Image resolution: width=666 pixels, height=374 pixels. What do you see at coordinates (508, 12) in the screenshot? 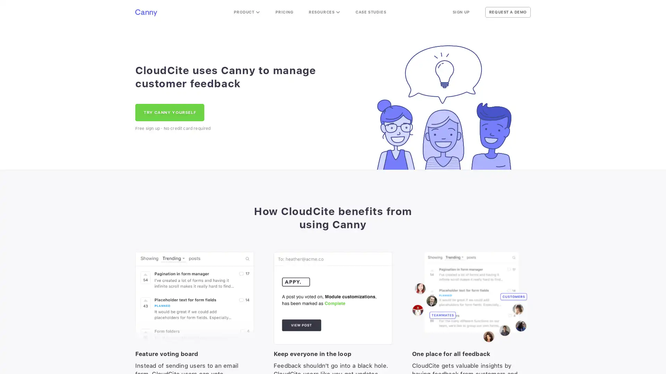
I see `REQUEST A DEMO` at bounding box center [508, 12].